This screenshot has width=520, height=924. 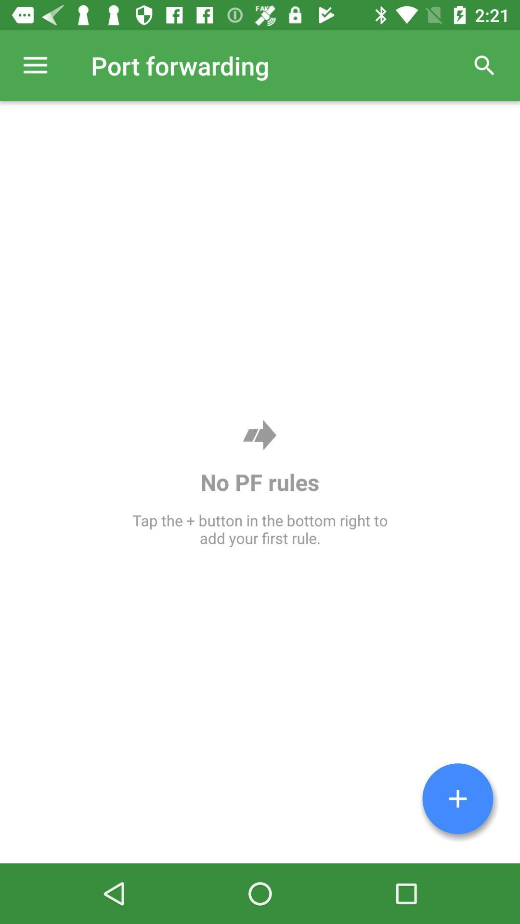 I want to click on the item to the right of port forwarding, so click(x=484, y=65).